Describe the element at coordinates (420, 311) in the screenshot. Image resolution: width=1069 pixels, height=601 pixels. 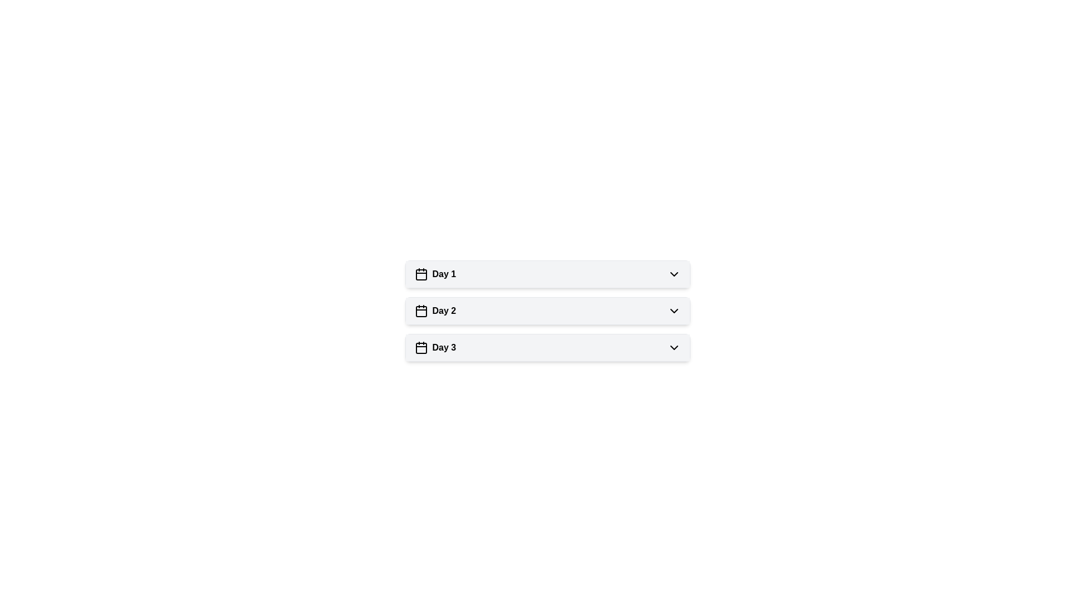
I see `the active red calendar icon located to the left of the 'Day 2' text` at that location.